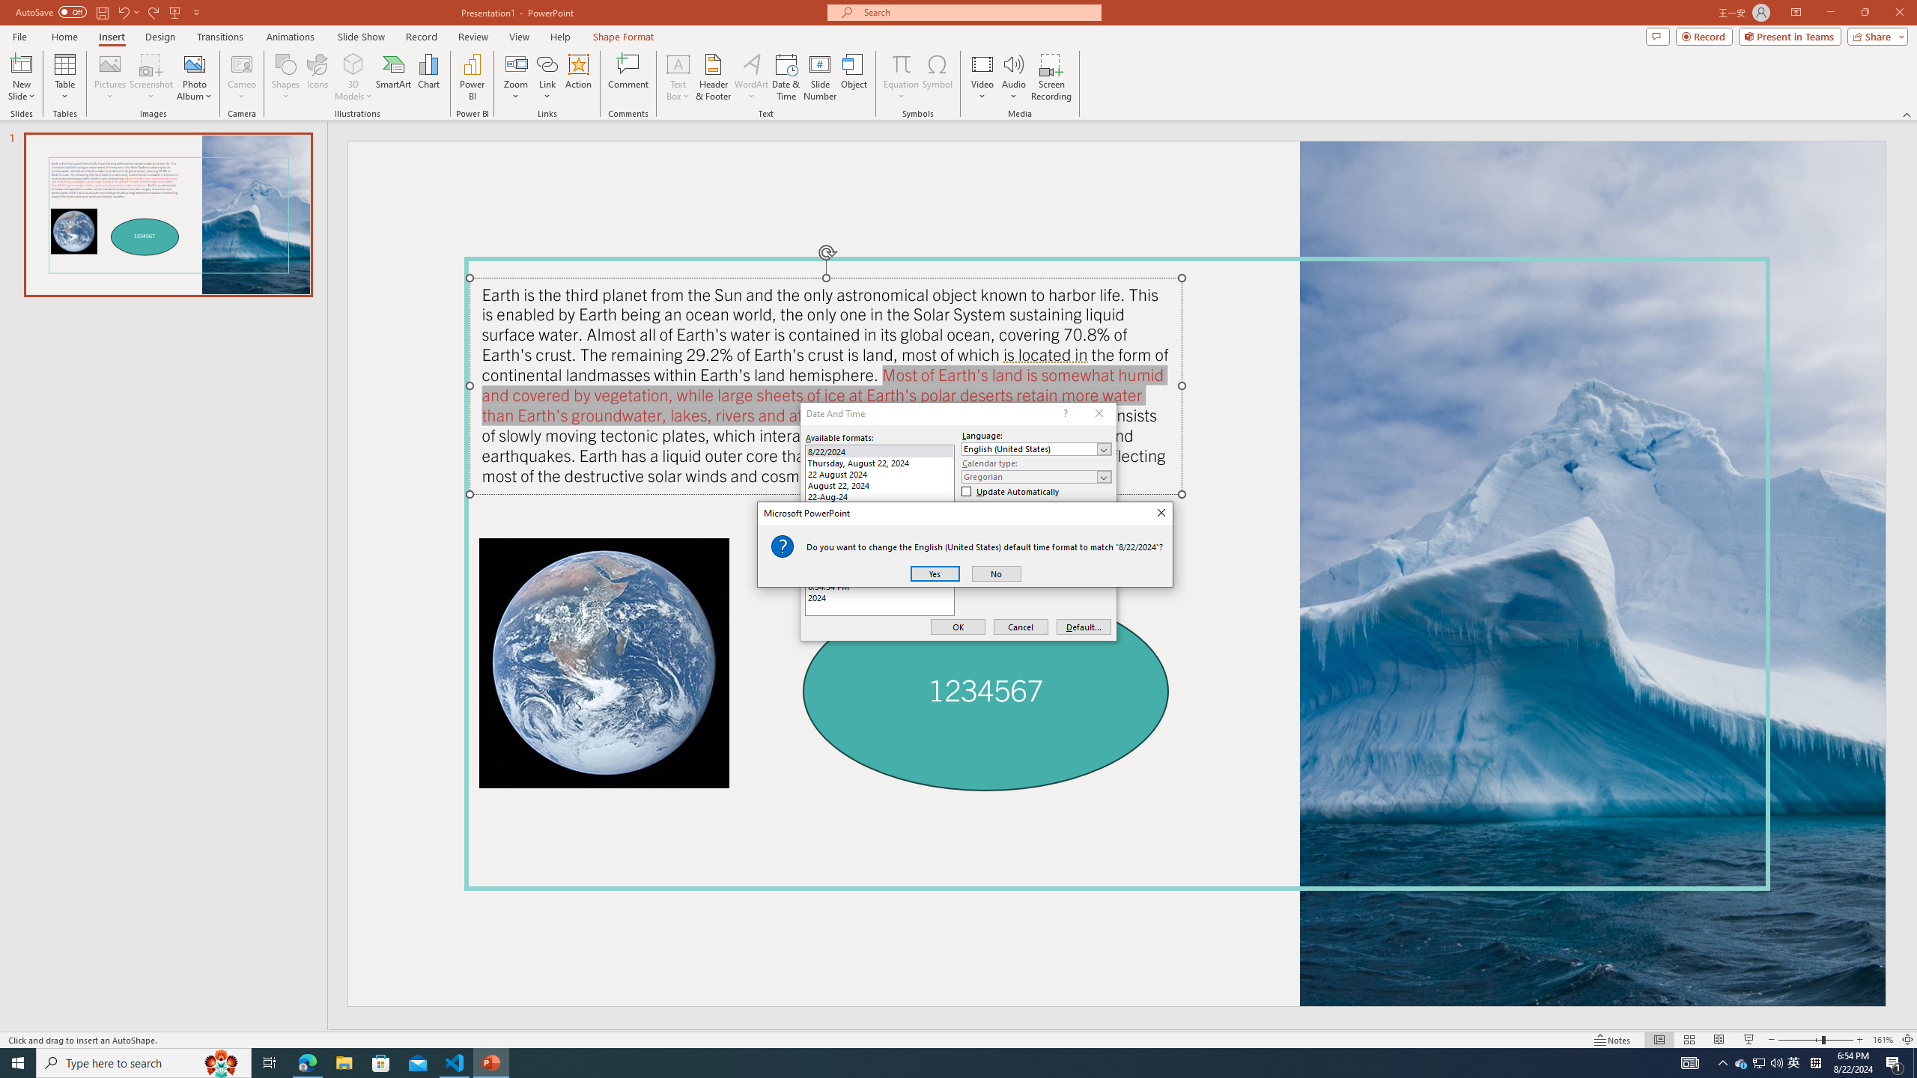 This screenshot has height=1078, width=1917. I want to click on 'SmartArt...', so click(393, 77).